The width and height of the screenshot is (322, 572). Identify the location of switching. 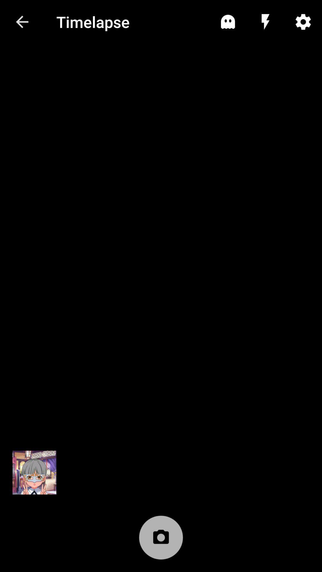
(34, 472).